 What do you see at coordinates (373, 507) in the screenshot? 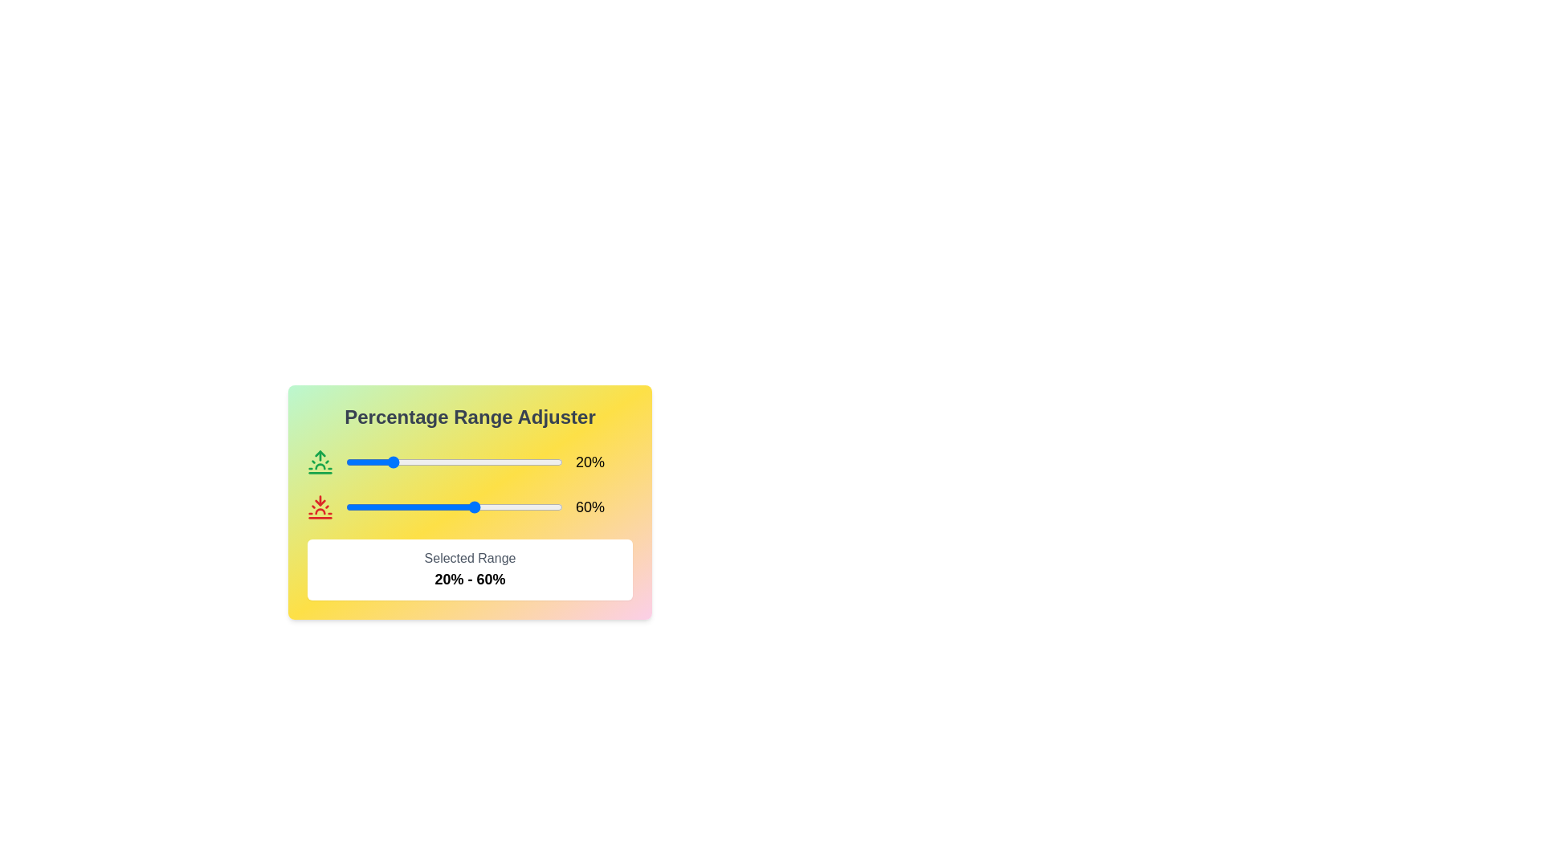
I see `the slider` at bounding box center [373, 507].